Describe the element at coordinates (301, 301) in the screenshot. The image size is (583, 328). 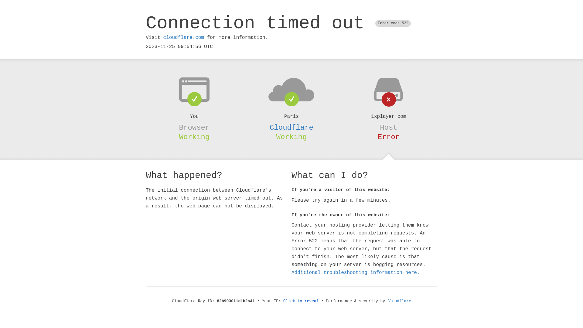
I see `'Click to reveal'` at that location.